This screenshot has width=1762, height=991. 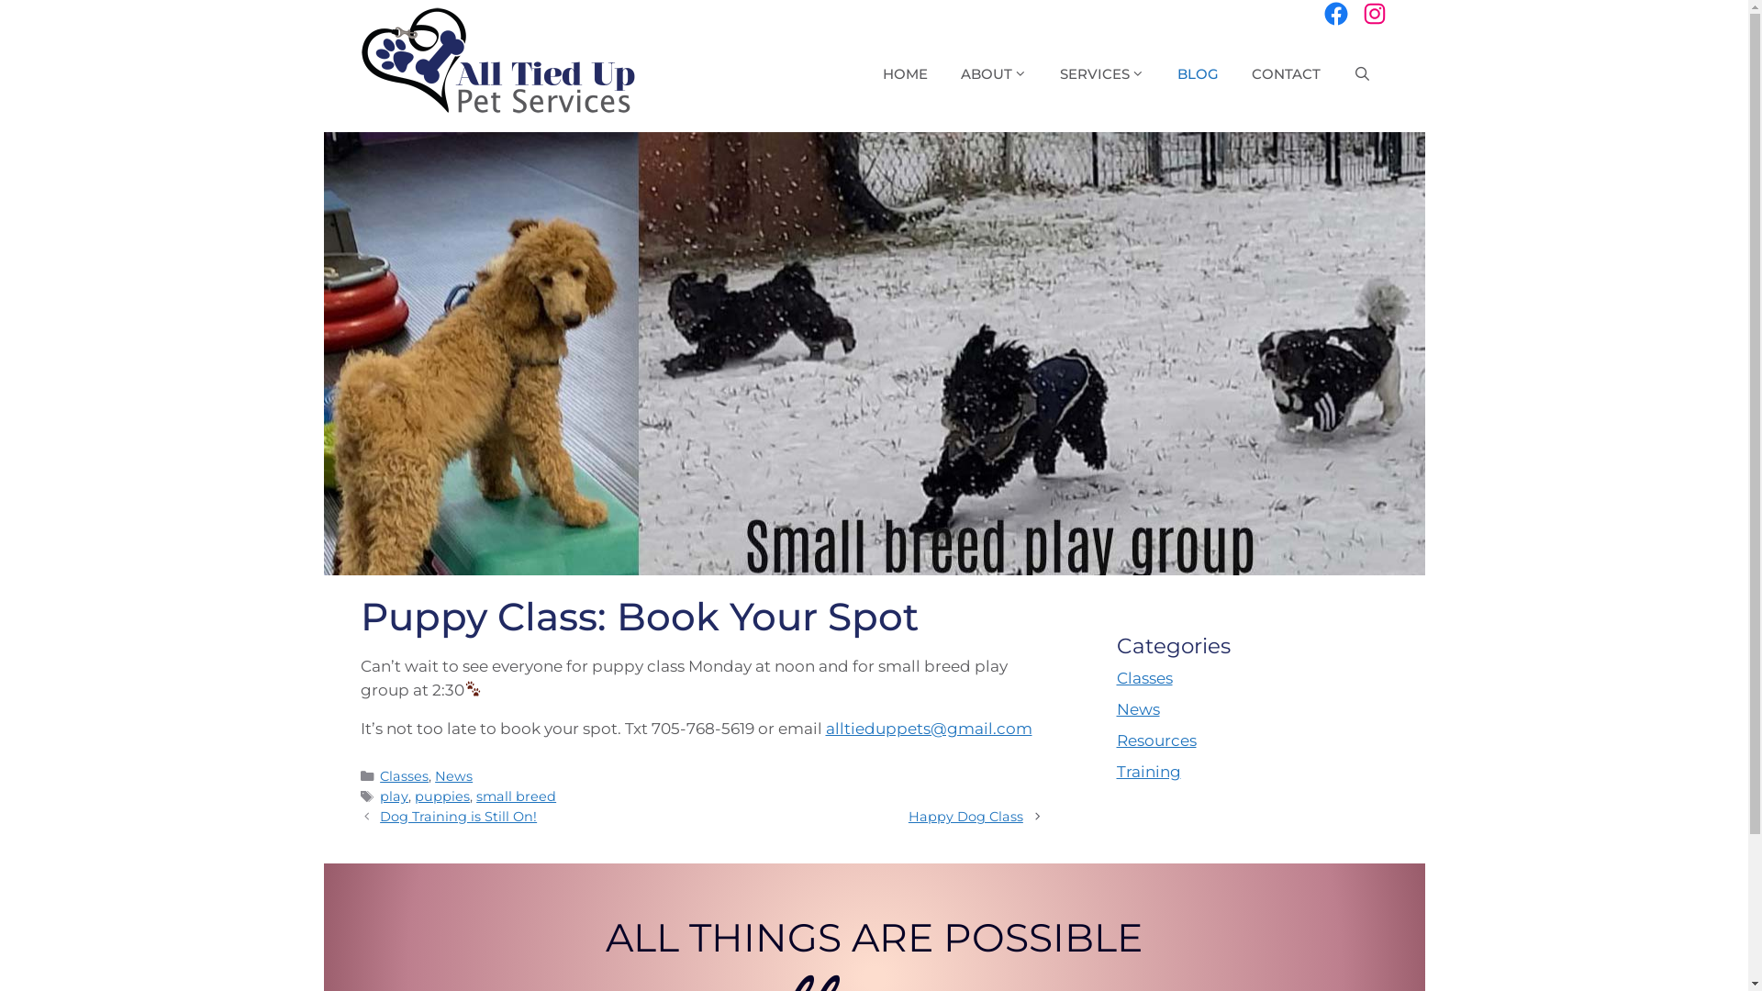 I want to click on 'Training', so click(x=1114, y=771).